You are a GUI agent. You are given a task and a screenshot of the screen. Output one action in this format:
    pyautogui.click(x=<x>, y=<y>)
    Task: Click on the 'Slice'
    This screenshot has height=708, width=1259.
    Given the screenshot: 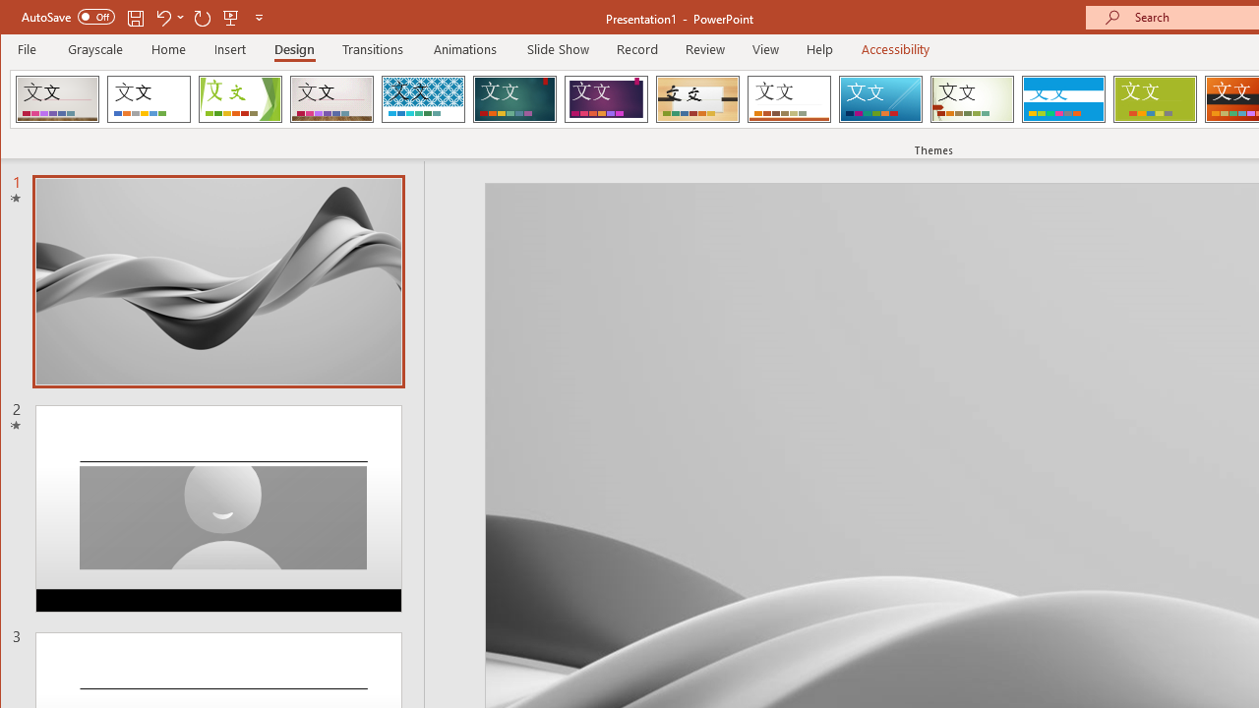 What is the action you would take?
    pyautogui.click(x=879, y=98)
    